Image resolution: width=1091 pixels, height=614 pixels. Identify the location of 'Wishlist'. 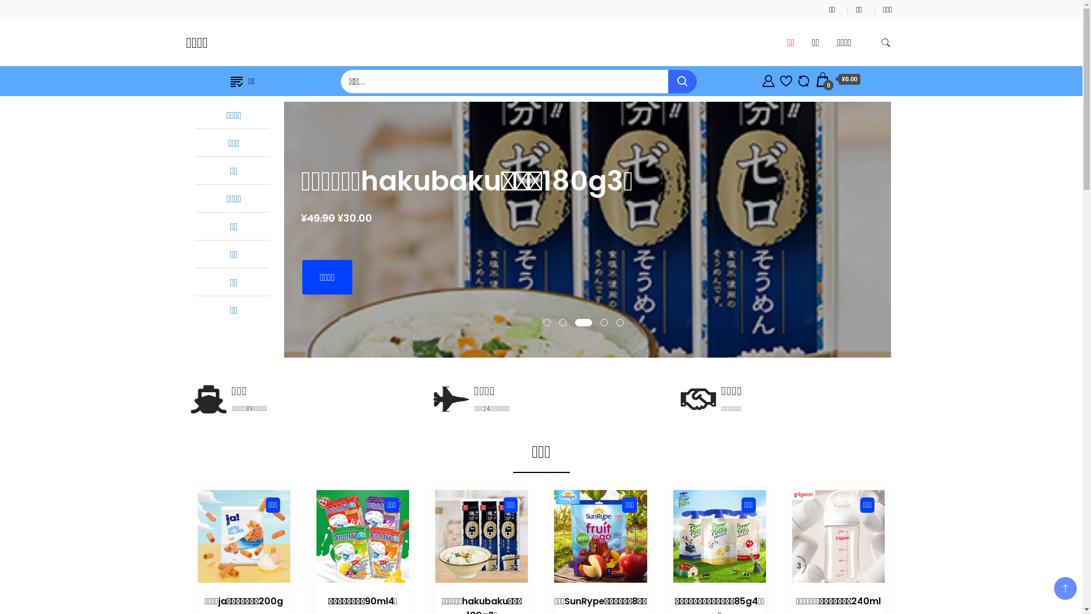
(785, 78).